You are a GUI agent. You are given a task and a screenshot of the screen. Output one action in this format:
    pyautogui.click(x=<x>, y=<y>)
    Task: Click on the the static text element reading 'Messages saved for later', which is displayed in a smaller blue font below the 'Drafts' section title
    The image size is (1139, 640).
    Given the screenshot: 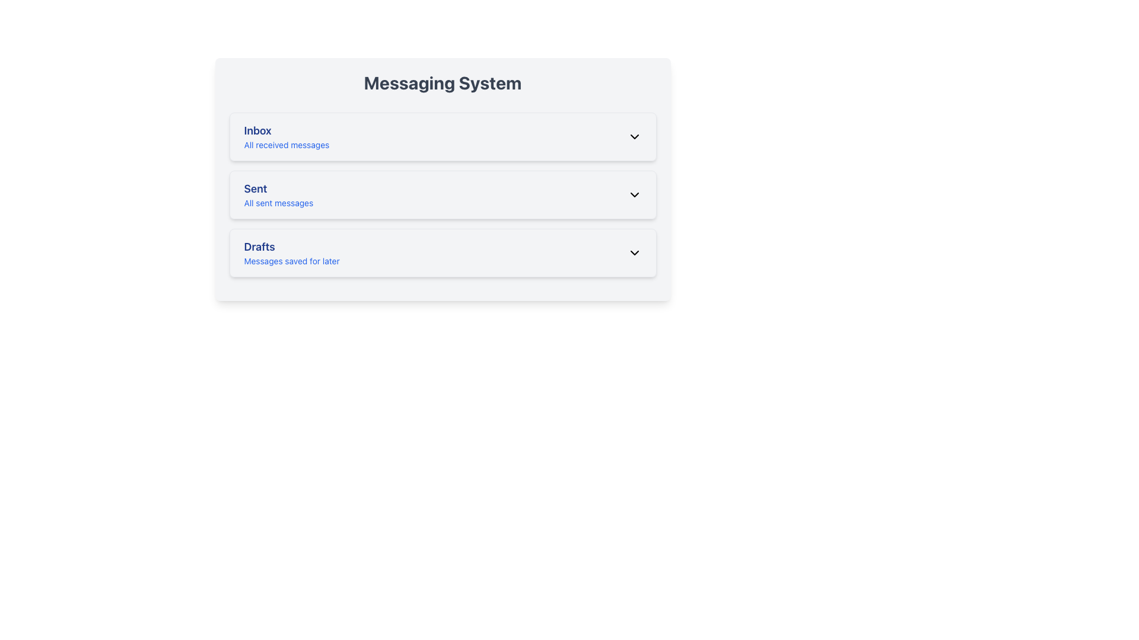 What is the action you would take?
    pyautogui.click(x=292, y=260)
    